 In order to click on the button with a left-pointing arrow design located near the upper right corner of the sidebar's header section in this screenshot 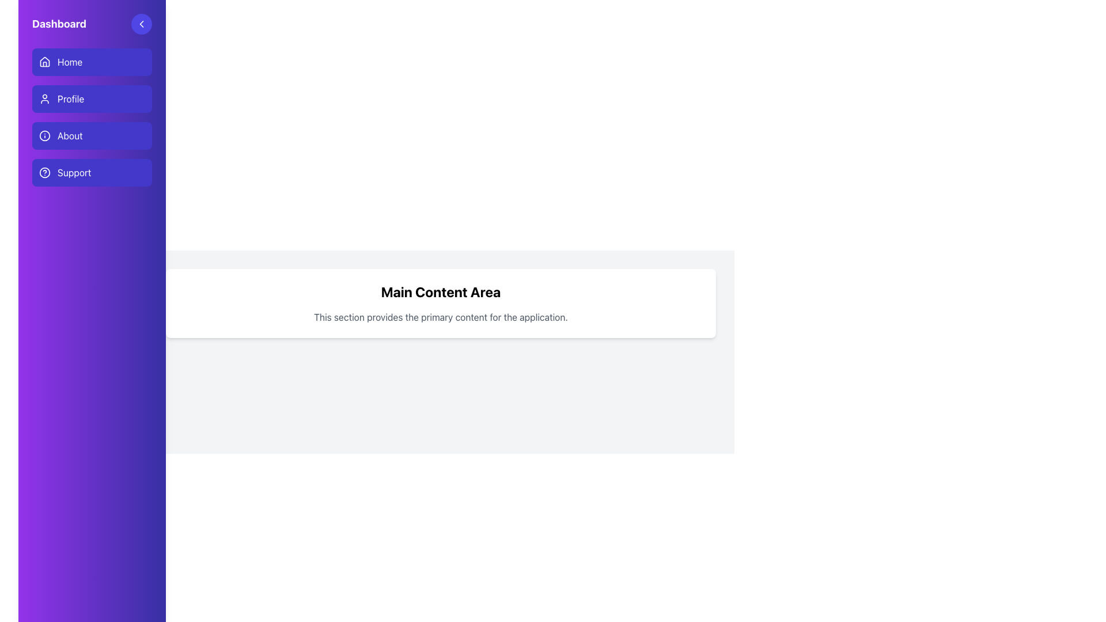, I will do `click(141, 24)`.